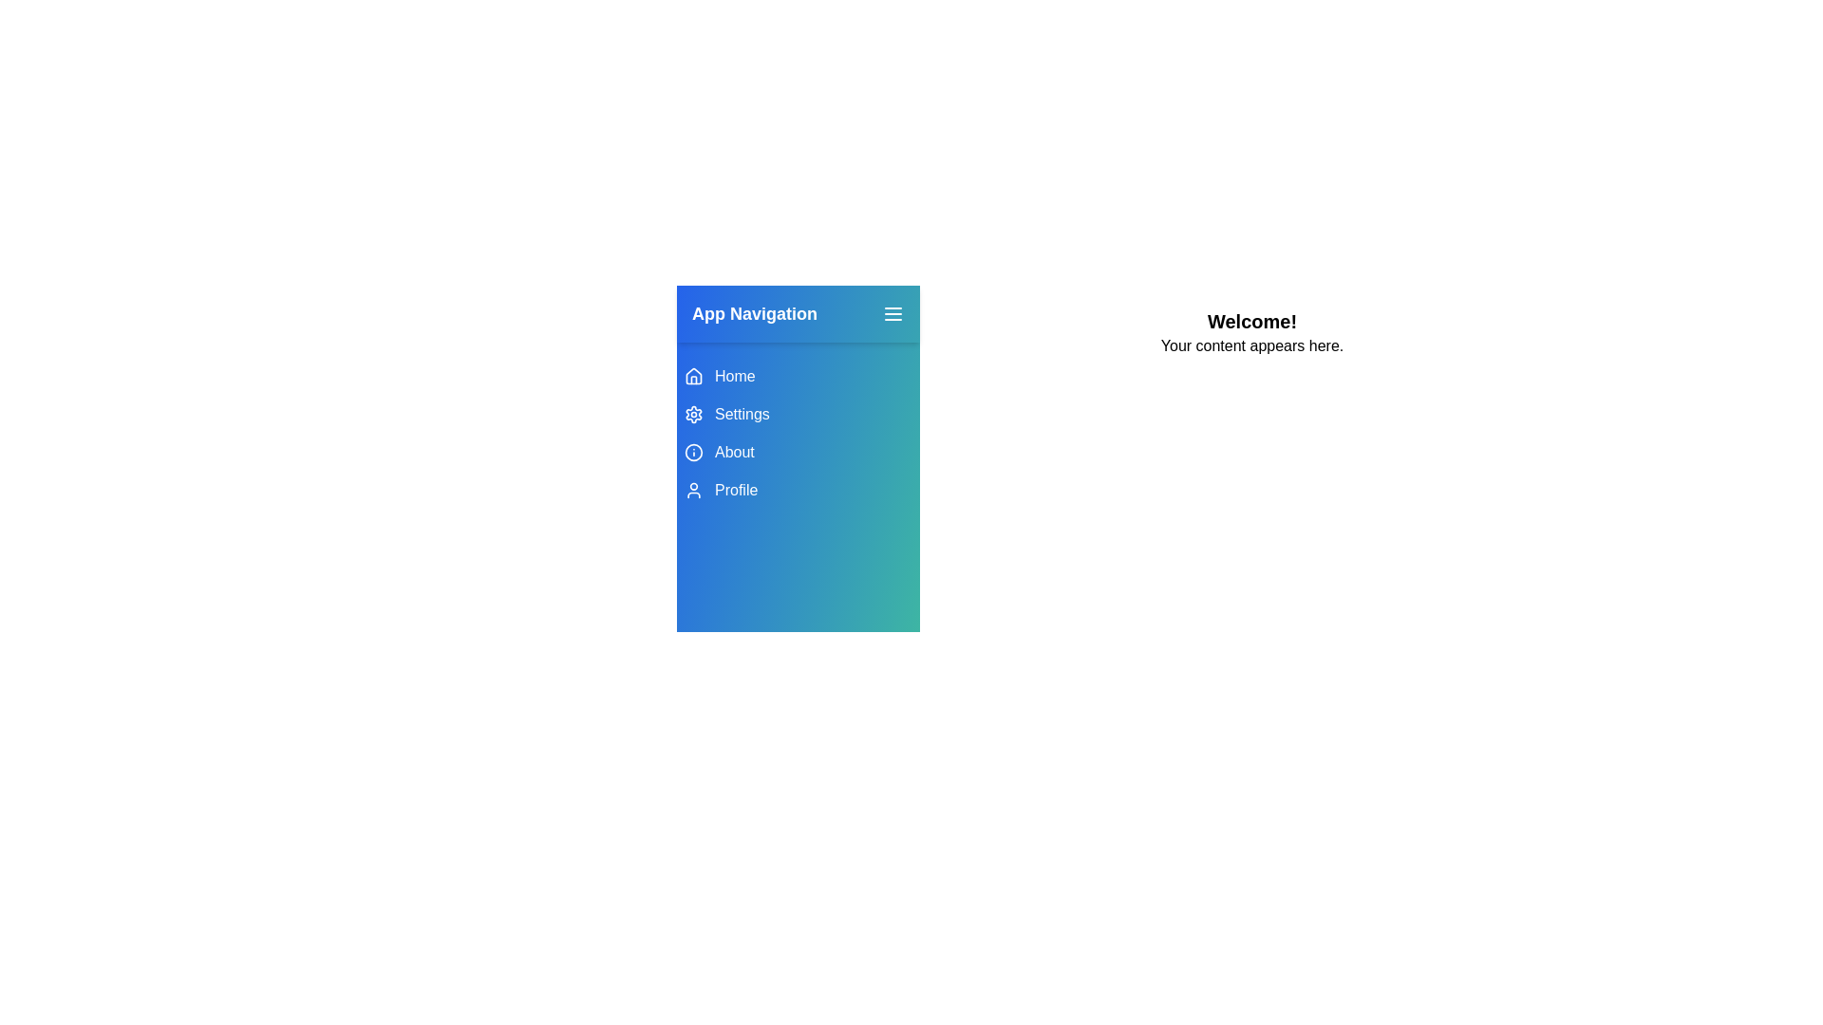 The height and width of the screenshot is (1025, 1823). Describe the element at coordinates (798, 413) in the screenshot. I see `the menu item Settings from the drawer` at that location.